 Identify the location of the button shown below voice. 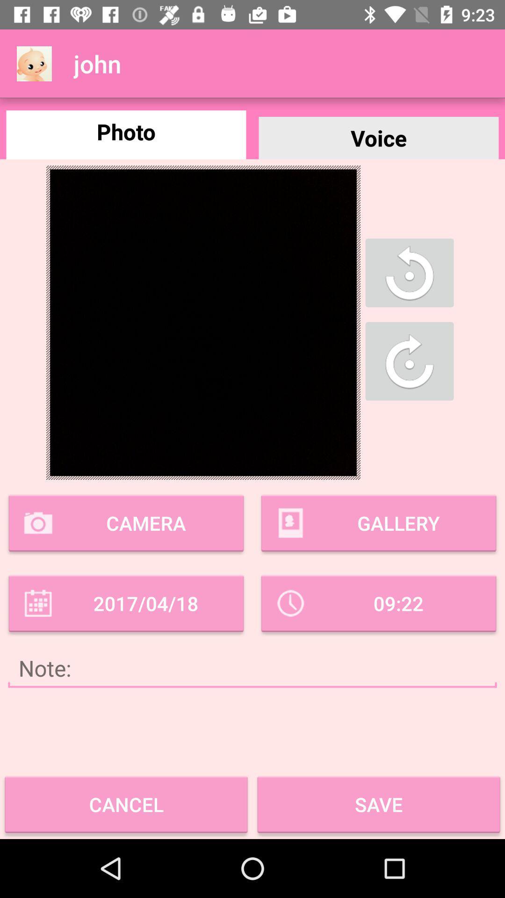
(409, 272).